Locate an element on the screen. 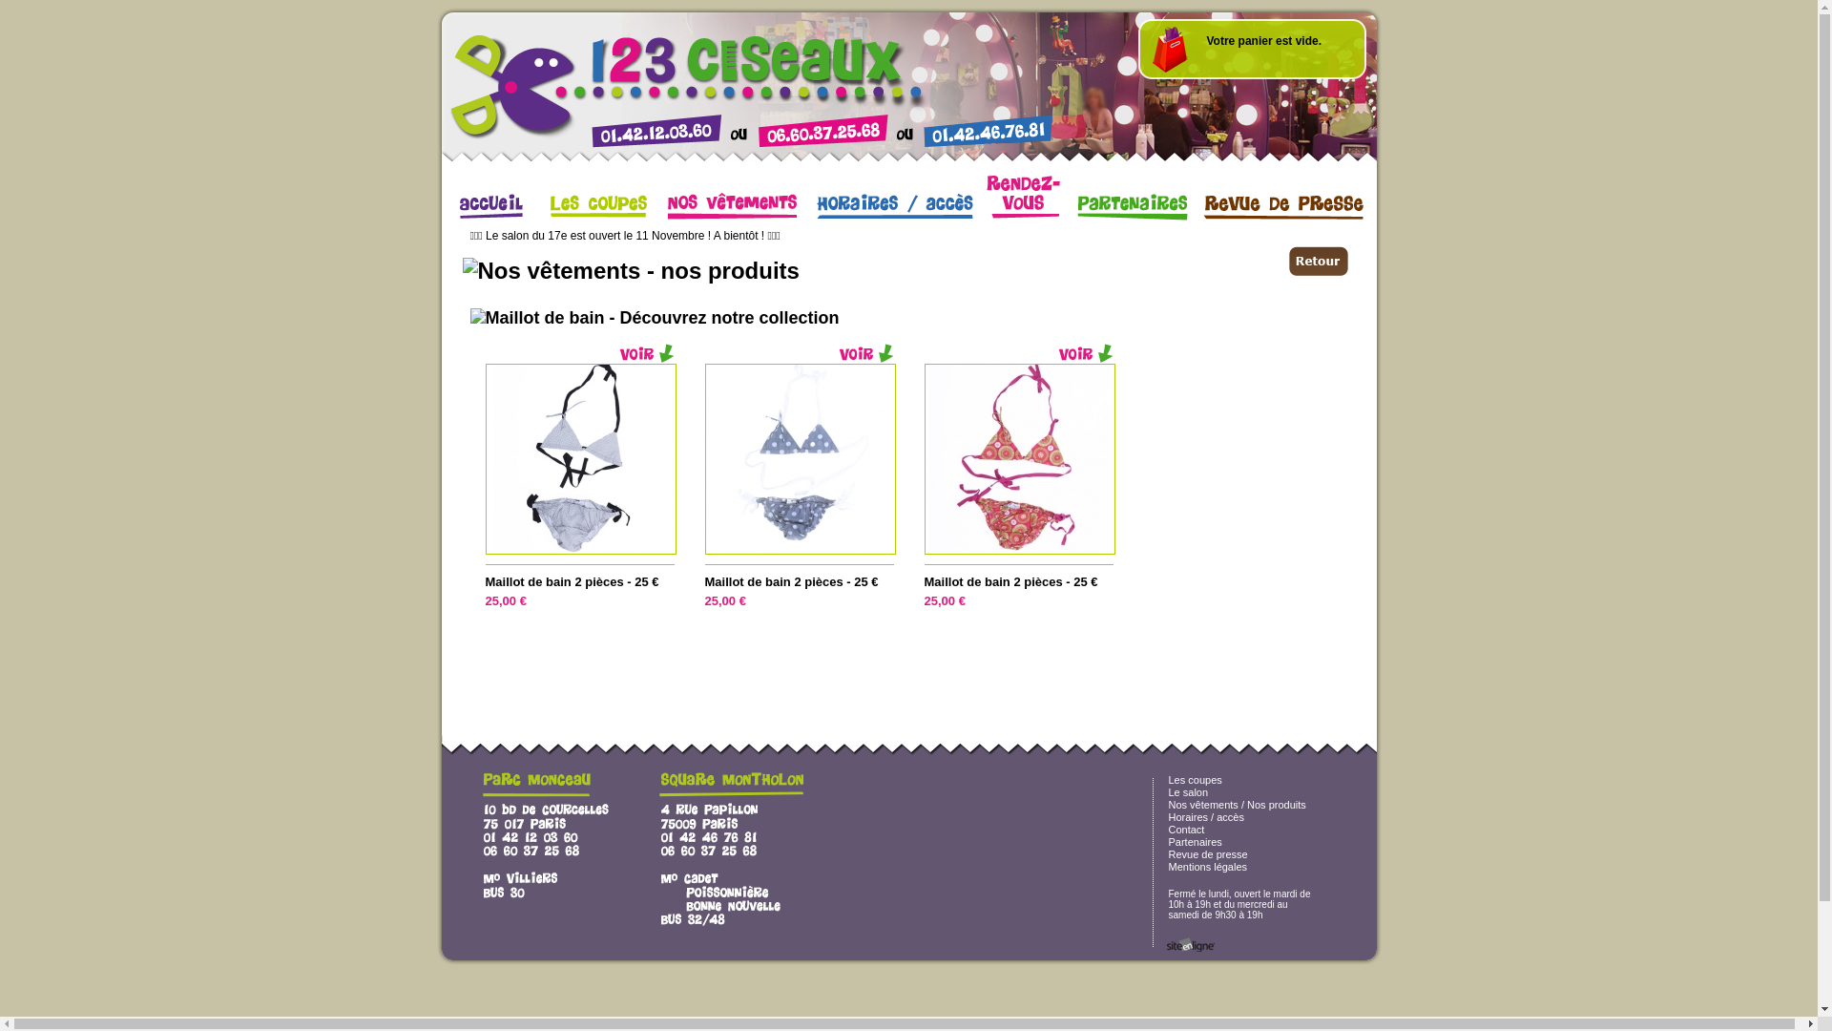 The width and height of the screenshot is (1832, 1031). 'Partenaires' is located at coordinates (1194, 841).